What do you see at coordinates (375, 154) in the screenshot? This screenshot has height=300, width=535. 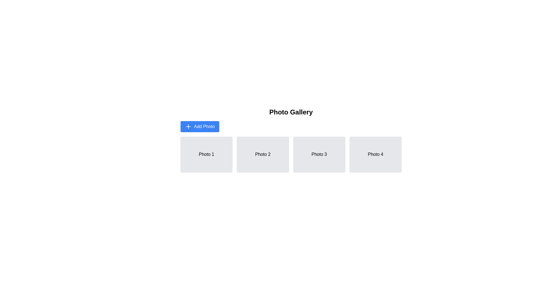 I see `the static display element labeled 'Photo 4', which is the fourth item in a grid layout, located at the rightmost end of the first row` at bounding box center [375, 154].